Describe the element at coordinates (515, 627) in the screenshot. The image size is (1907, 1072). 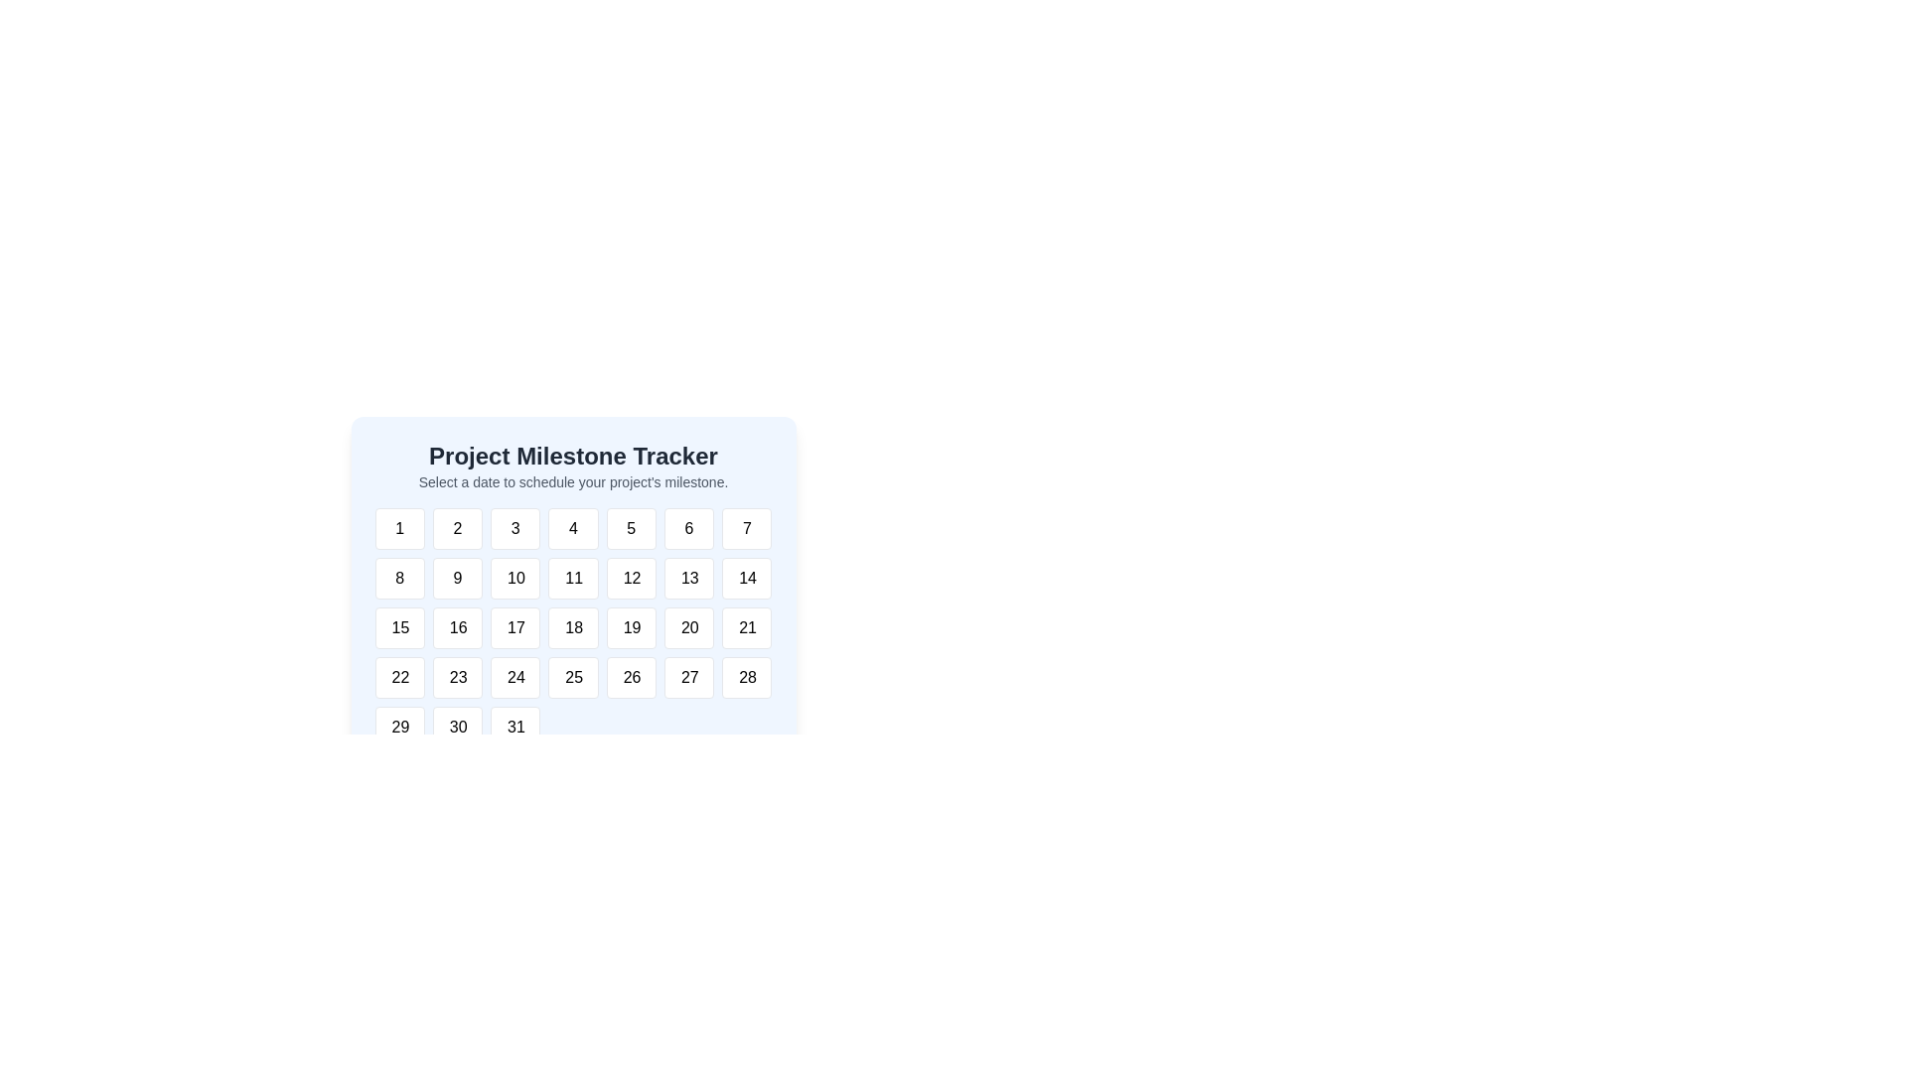
I see `the button labeled '17', which is a square button with rounded corners and a white background, located in the third row and third column of a grid layout` at that location.